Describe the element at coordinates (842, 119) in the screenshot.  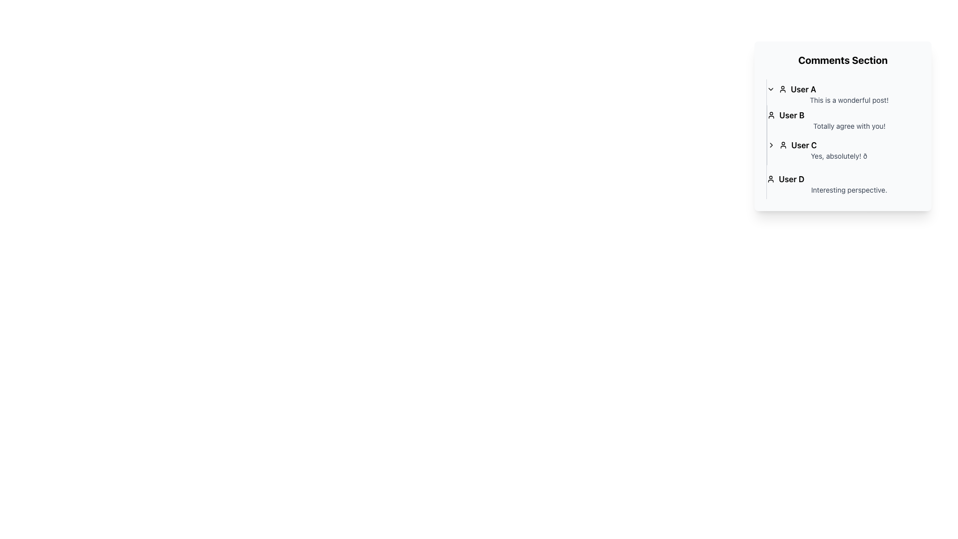
I see `the second user comment block in the threaded discussion view, which displays 'User B's comment` at that location.